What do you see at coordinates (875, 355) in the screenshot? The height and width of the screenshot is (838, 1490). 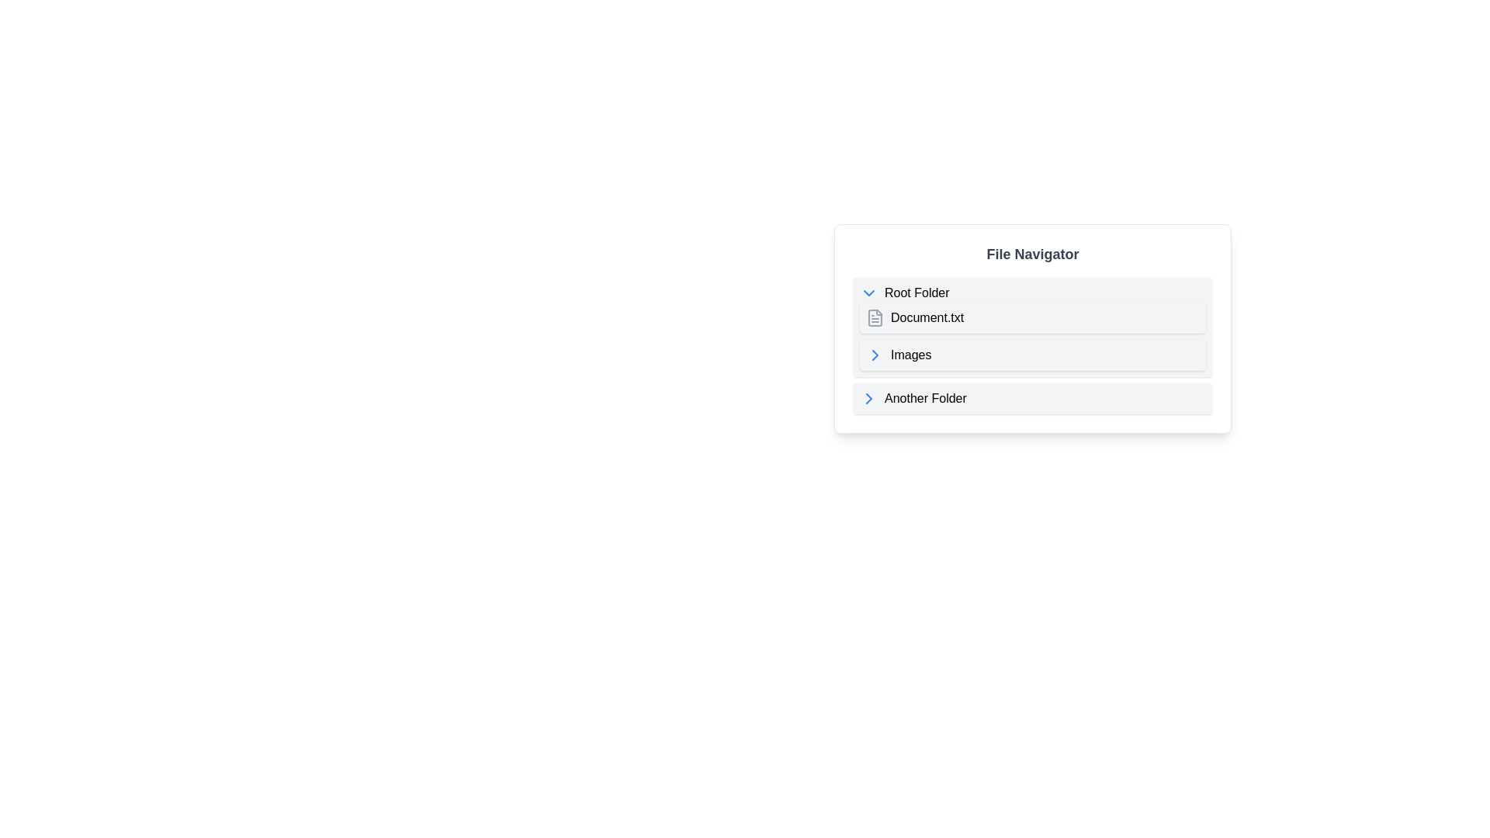 I see `the right-pointing blue chevron icon that indicates expandable options, located to the left of the 'Images' text in the file navigation panel` at bounding box center [875, 355].